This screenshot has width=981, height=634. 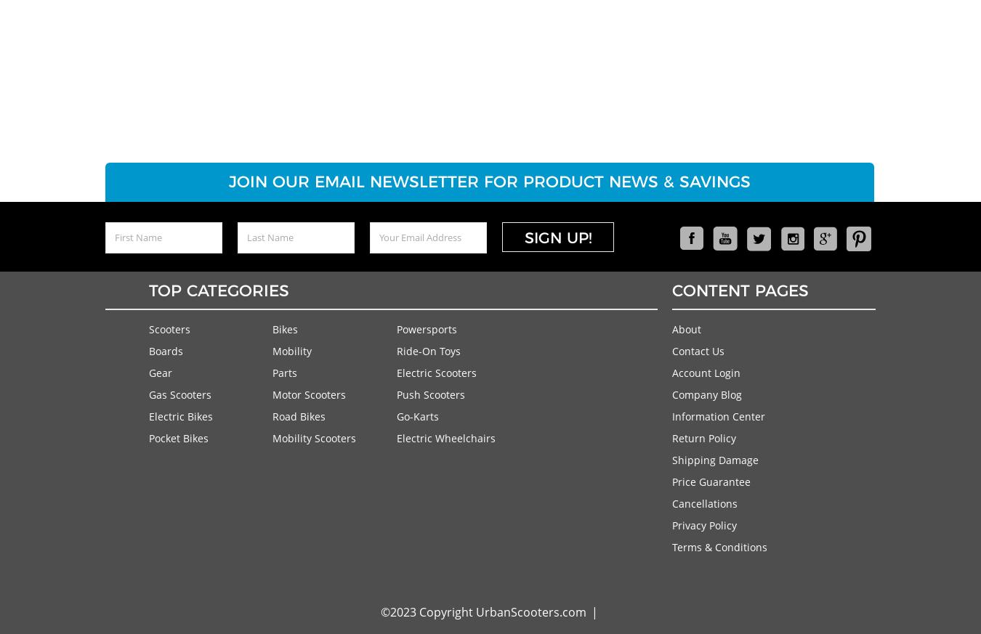 What do you see at coordinates (679, 270) in the screenshot?
I see `'Facebook'` at bounding box center [679, 270].